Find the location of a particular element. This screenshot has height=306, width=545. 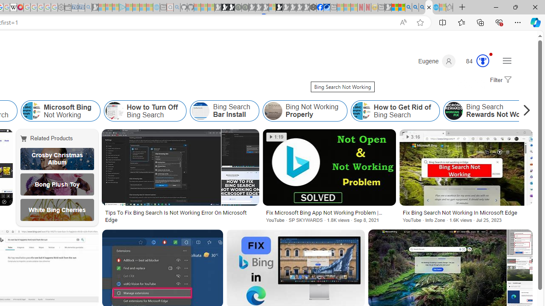

'How to Turn Off Bing Search' is located at coordinates (145, 110).